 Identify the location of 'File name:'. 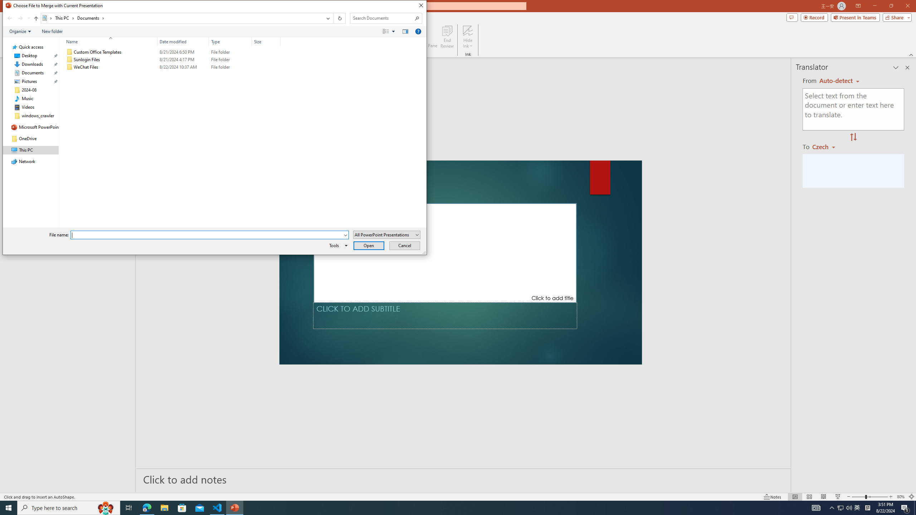
(210, 235).